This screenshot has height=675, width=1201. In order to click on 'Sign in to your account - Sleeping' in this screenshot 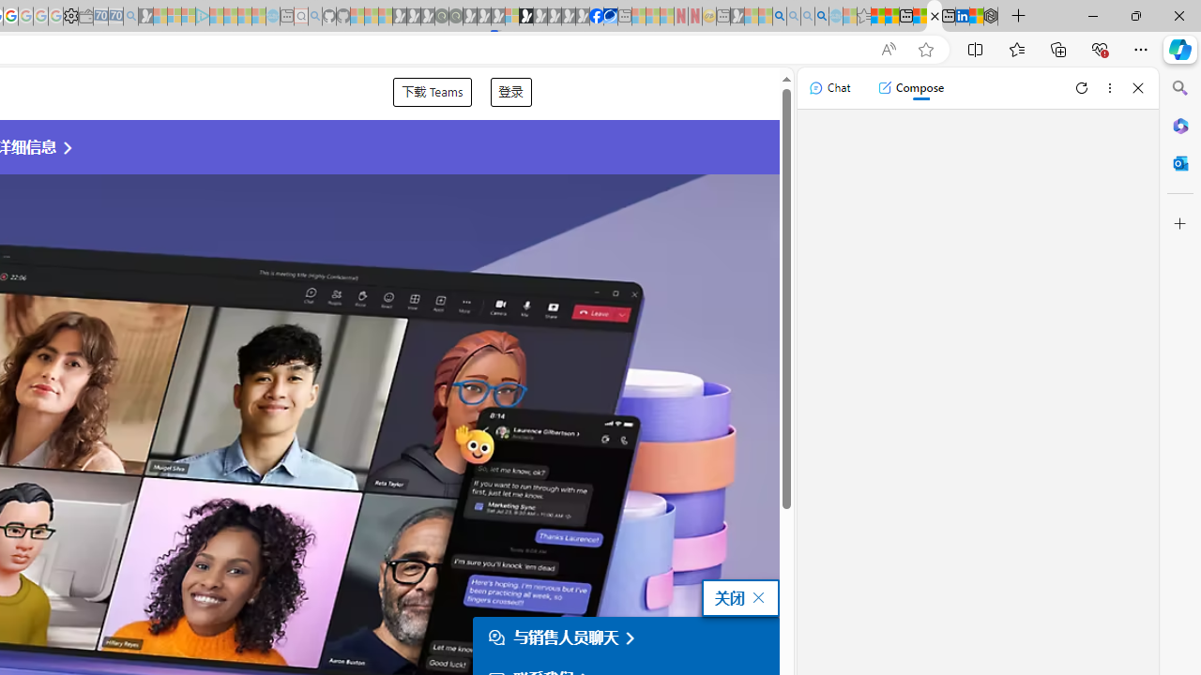, I will do `click(511, 16)`.